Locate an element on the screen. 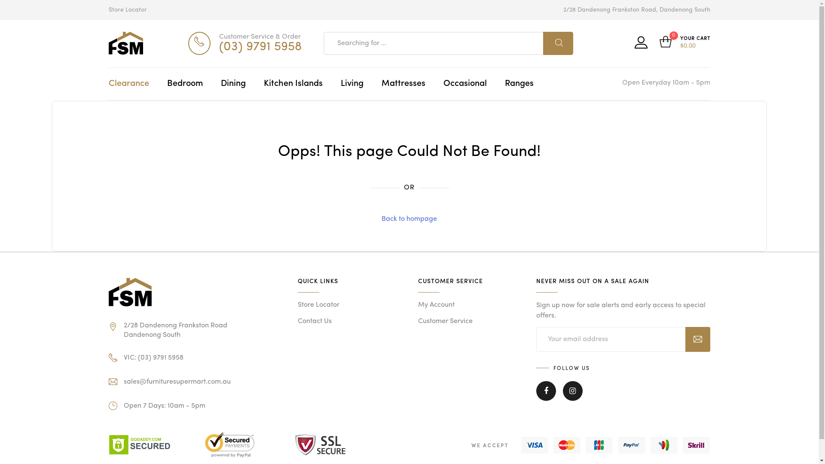 The width and height of the screenshot is (825, 464). 'Contact Us' is located at coordinates (314, 321).